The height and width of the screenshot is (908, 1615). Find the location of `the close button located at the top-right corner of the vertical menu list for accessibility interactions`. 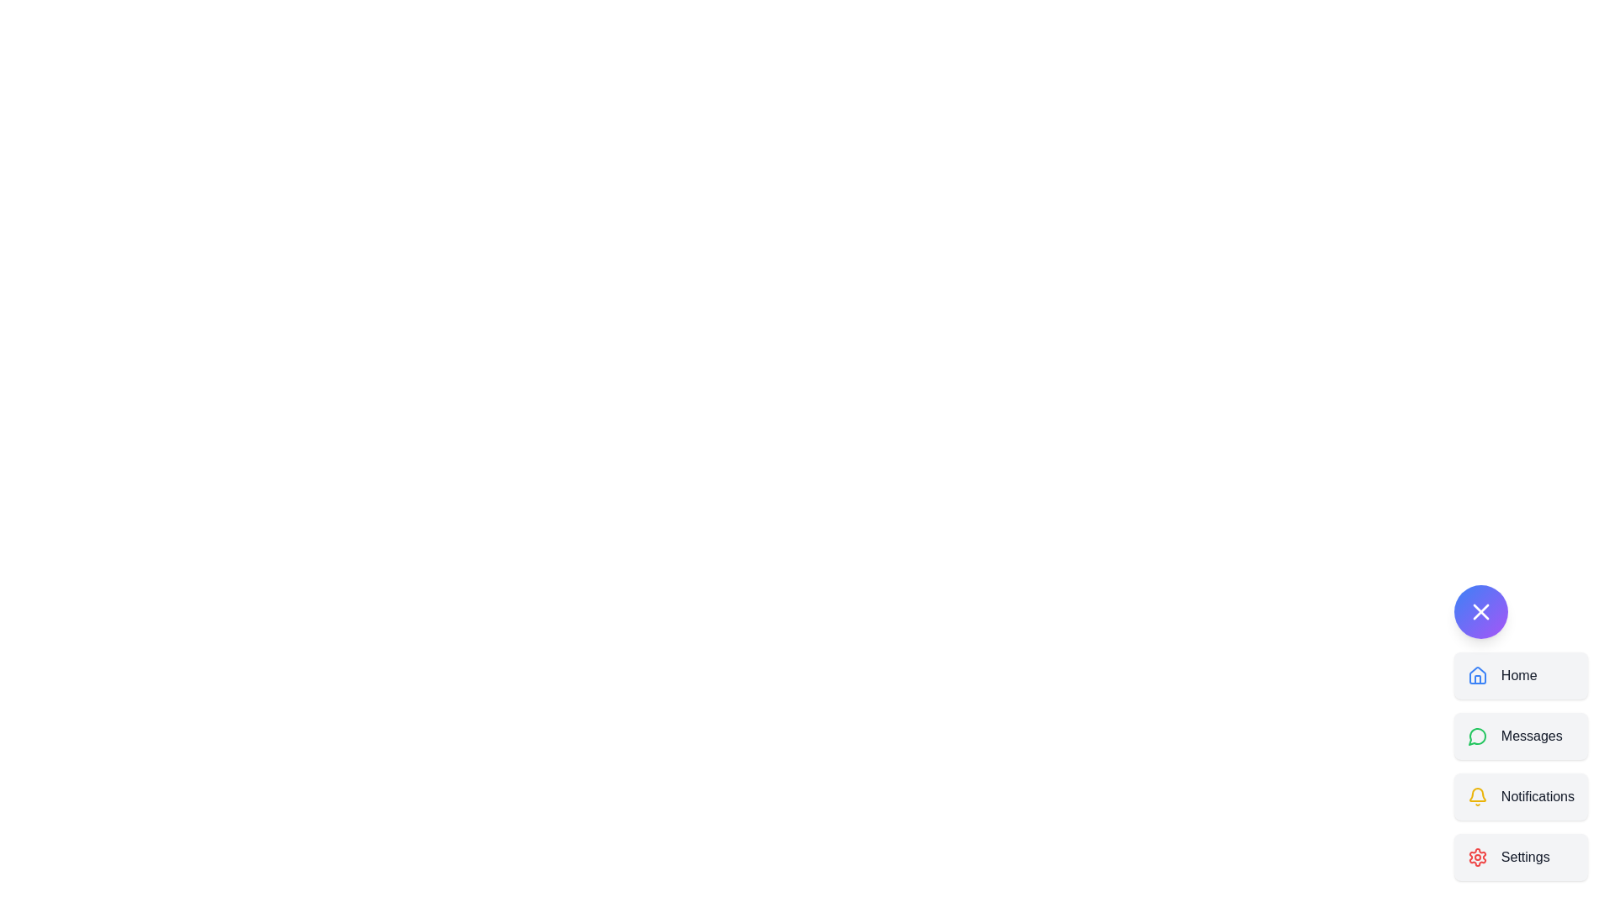

the close button located at the top-right corner of the vertical menu list for accessibility interactions is located at coordinates (1480, 612).